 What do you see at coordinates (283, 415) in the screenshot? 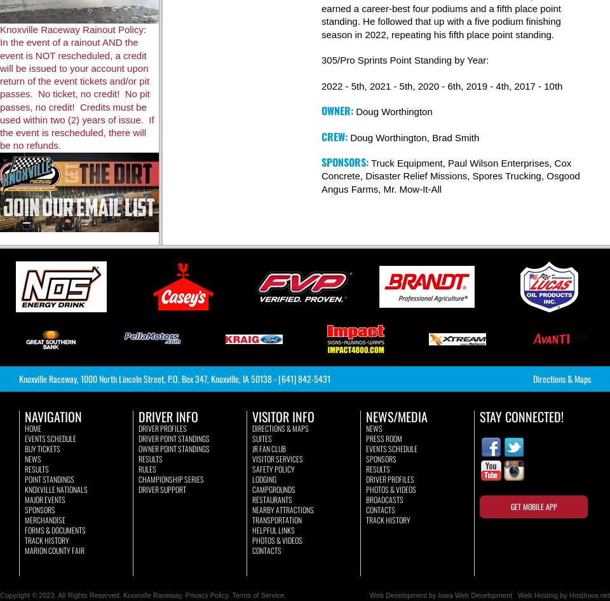
I see `'Visitor Info'` at bounding box center [283, 415].